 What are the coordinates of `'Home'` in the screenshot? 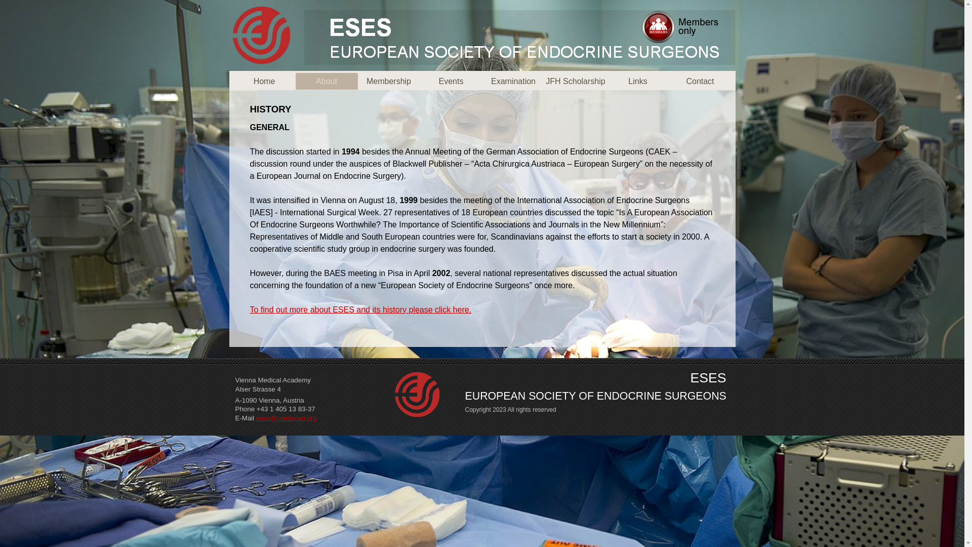 It's located at (264, 81).